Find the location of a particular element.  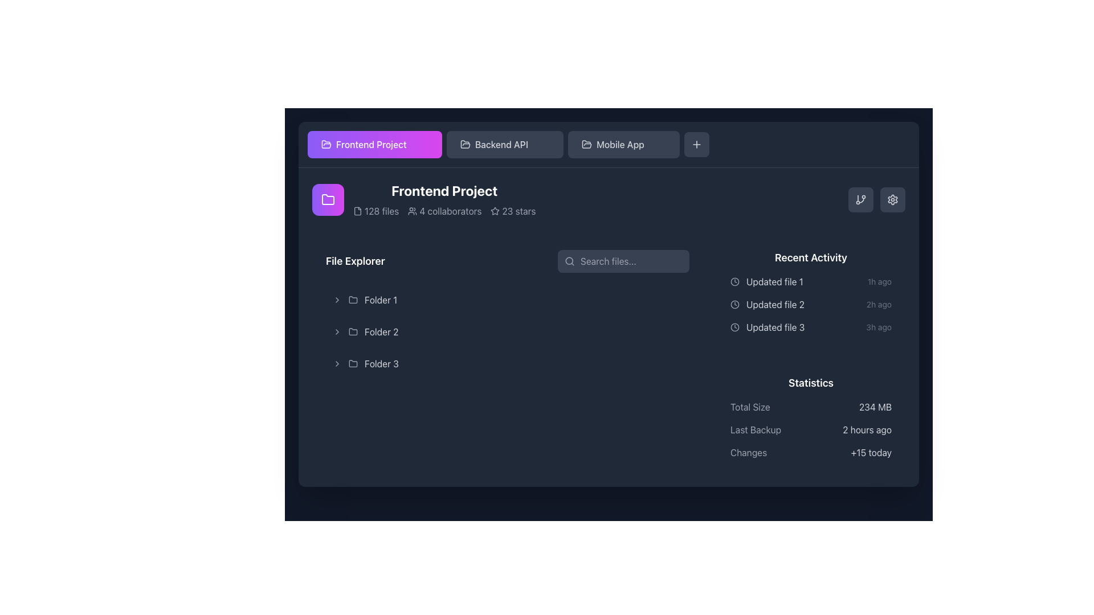

the icon resembling a group of people, located in the upper part of the application interface is located at coordinates (412, 211).